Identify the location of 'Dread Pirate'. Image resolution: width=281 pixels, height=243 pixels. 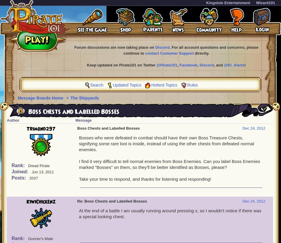
(38, 165).